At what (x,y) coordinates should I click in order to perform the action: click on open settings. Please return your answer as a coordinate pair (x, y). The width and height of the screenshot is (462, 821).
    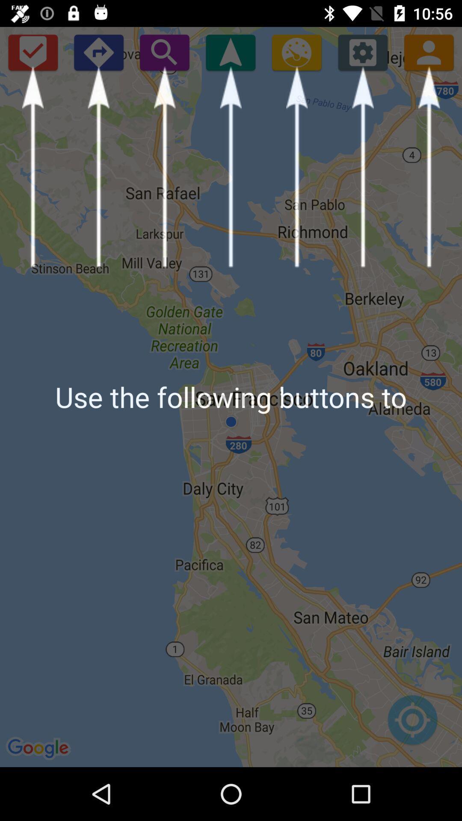
    Looking at the image, I should click on (363, 52).